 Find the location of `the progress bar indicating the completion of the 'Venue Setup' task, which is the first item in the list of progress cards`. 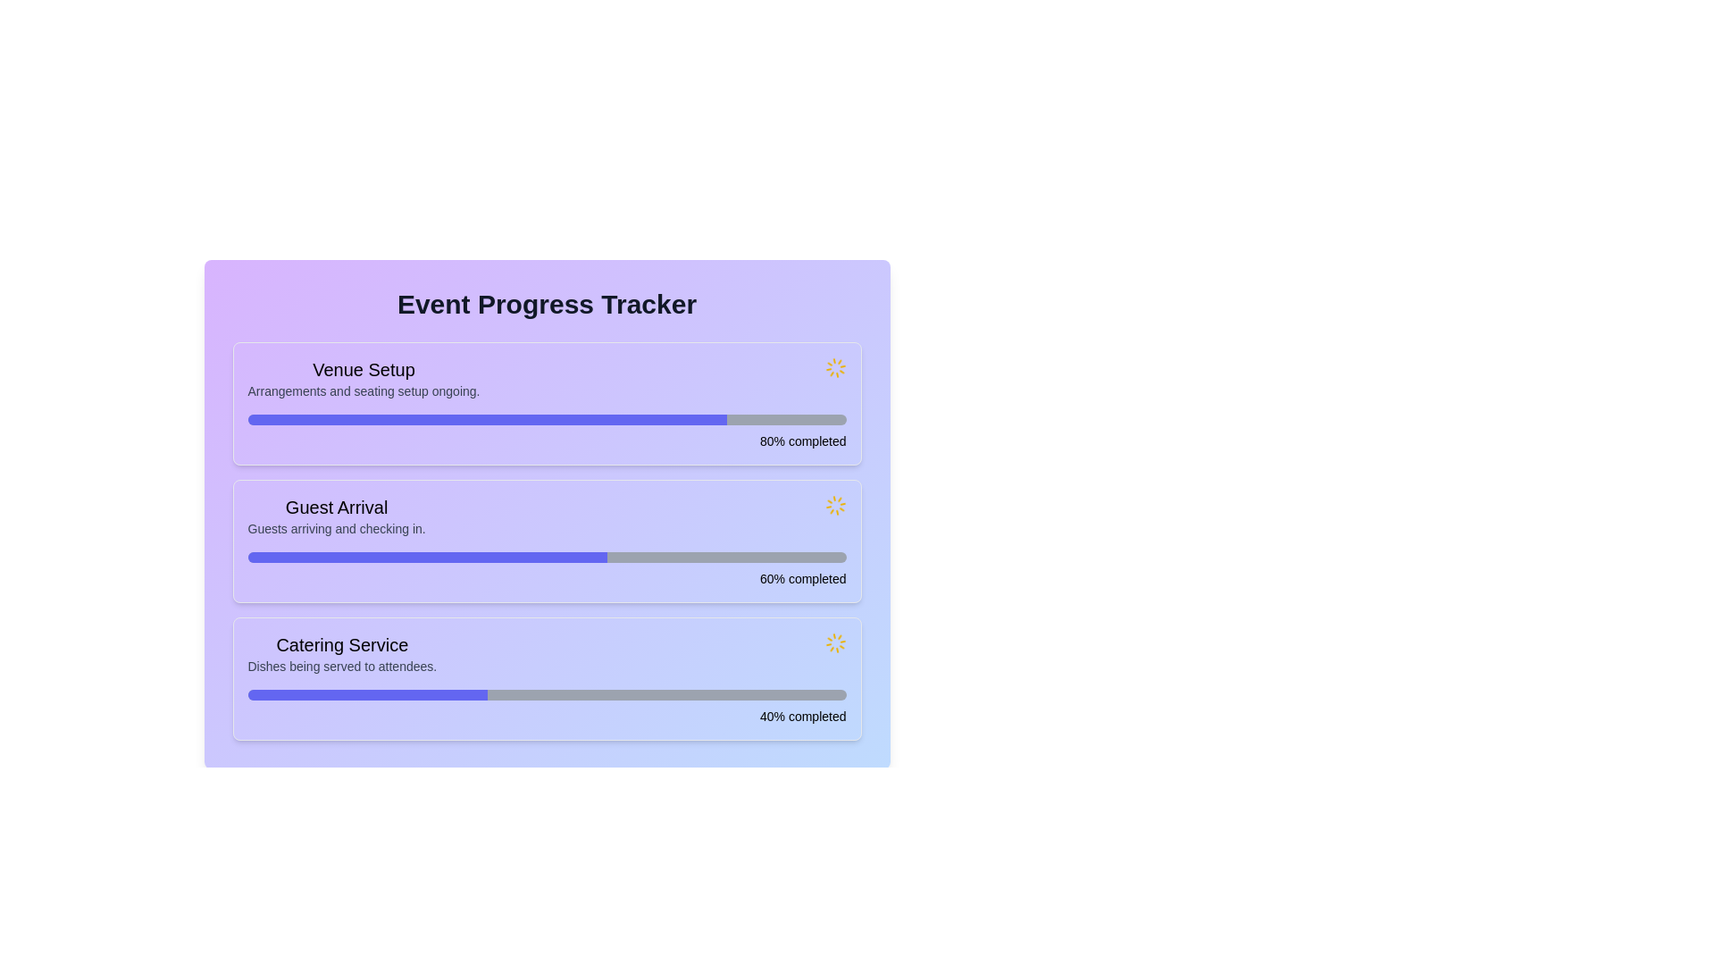

the progress bar indicating the completion of the 'Venue Setup' task, which is the first item in the list of progress cards is located at coordinates (546, 403).